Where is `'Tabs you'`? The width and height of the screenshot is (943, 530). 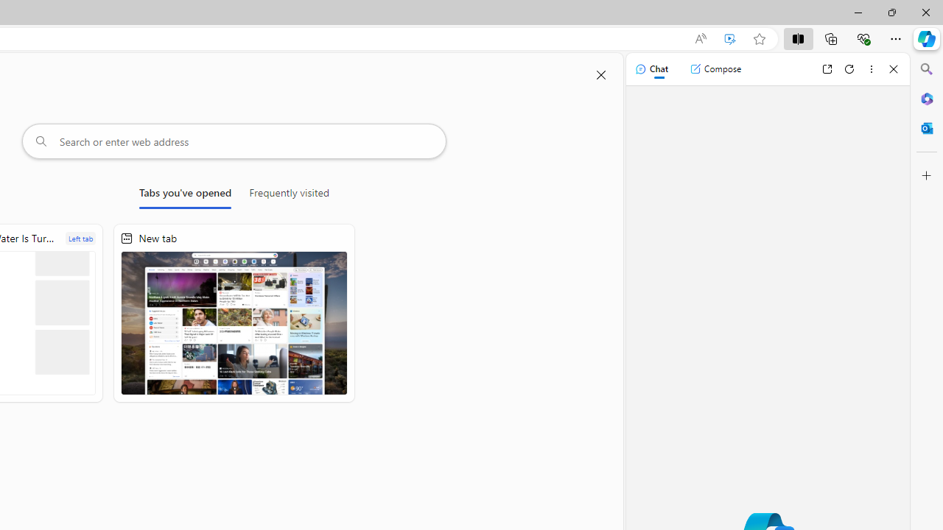
'Tabs you' is located at coordinates (184, 195).